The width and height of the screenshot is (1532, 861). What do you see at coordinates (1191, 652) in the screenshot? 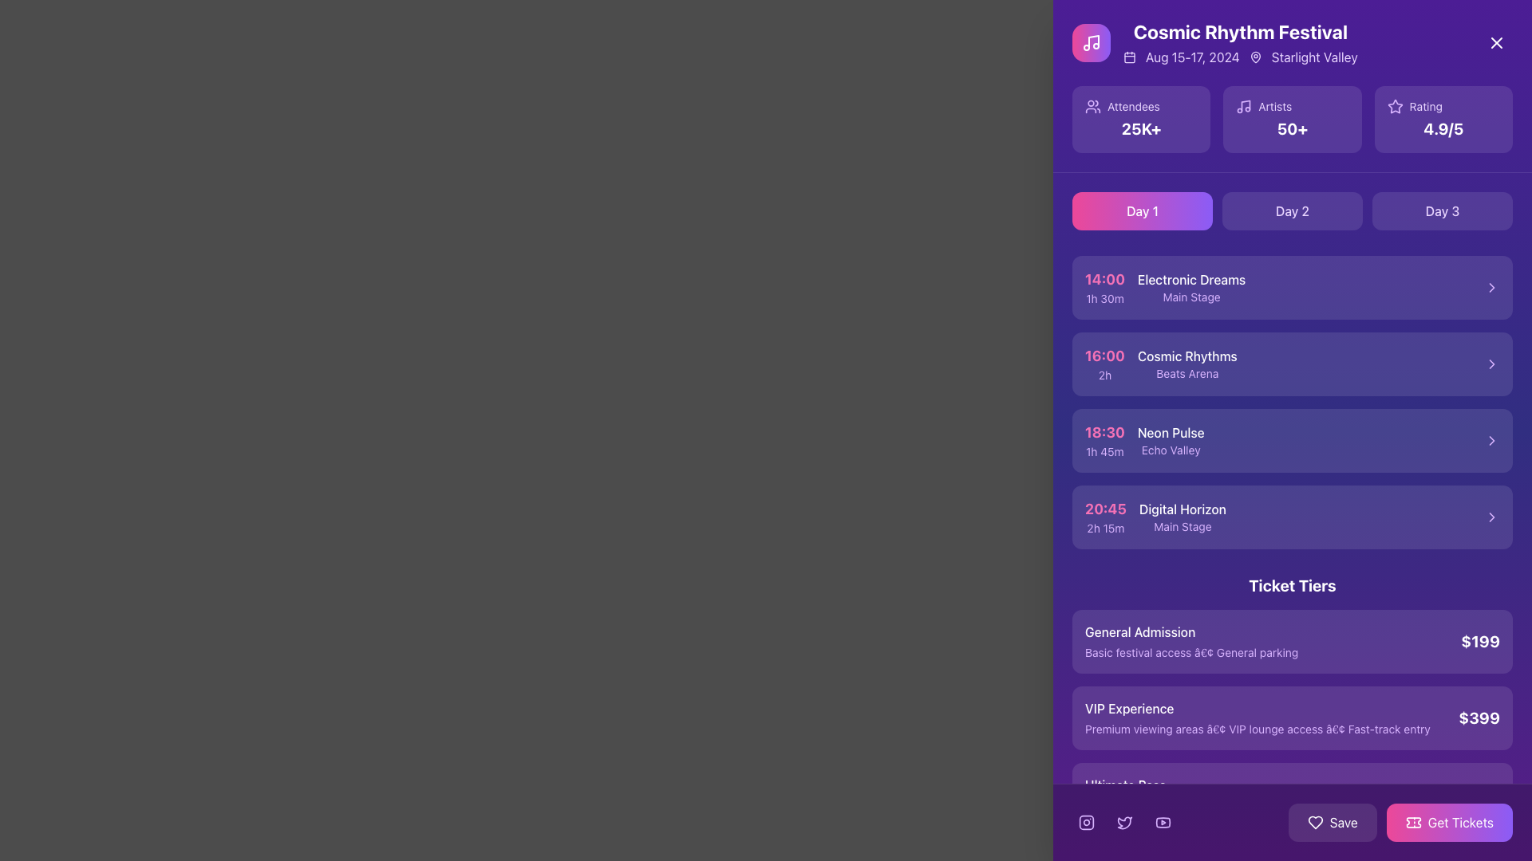
I see `the text element displaying 'Basic festival access • General parking' located in the 'Ticket Tiers' section, directly below the 'General Admission' heading` at bounding box center [1191, 652].